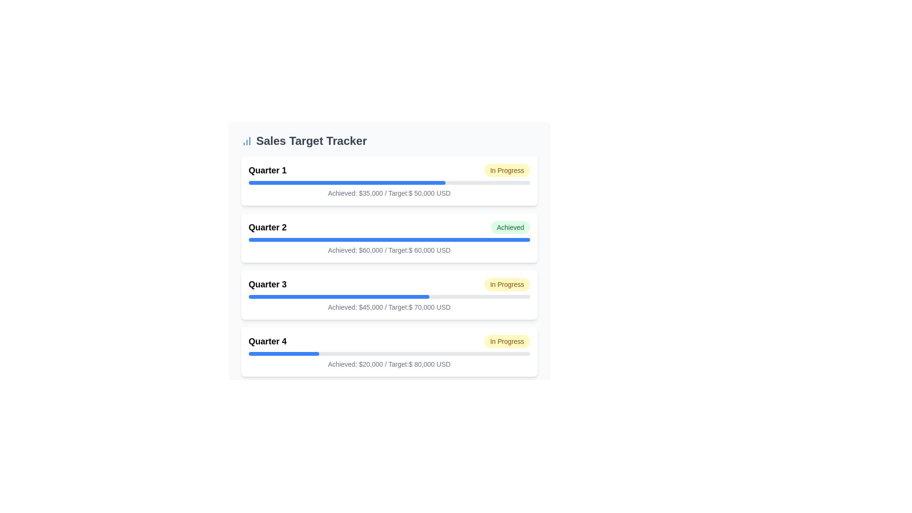 This screenshot has height=513, width=912. I want to click on the text label displaying 'Quarter 4' which is styled in bold black font and is located within a card-like section of a progress tracker interface, so click(267, 341).